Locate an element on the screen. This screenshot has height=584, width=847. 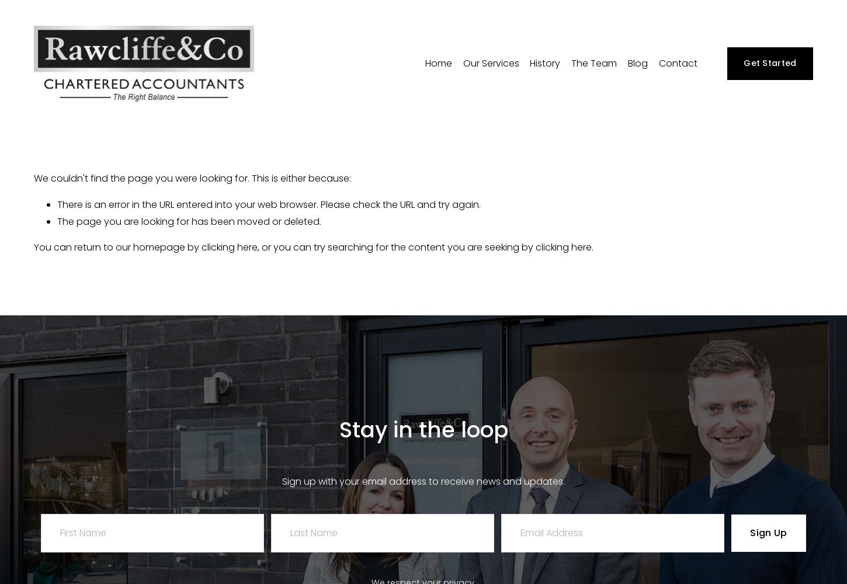
'Blog' is located at coordinates (637, 62).